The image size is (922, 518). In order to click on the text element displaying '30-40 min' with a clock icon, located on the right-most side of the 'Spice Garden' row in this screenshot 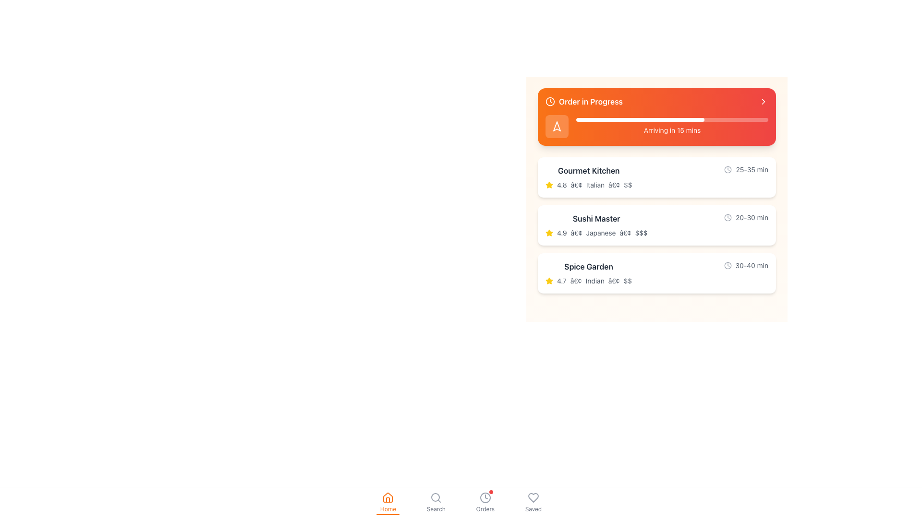, I will do `click(745, 266)`.